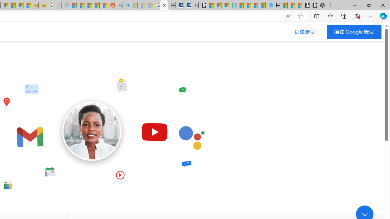 Image resolution: width=390 pixels, height=219 pixels. Describe the element at coordinates (194, 5) in the screenshot. I see `'Bing Real Estate - Home sales and rental listings'` at that location.